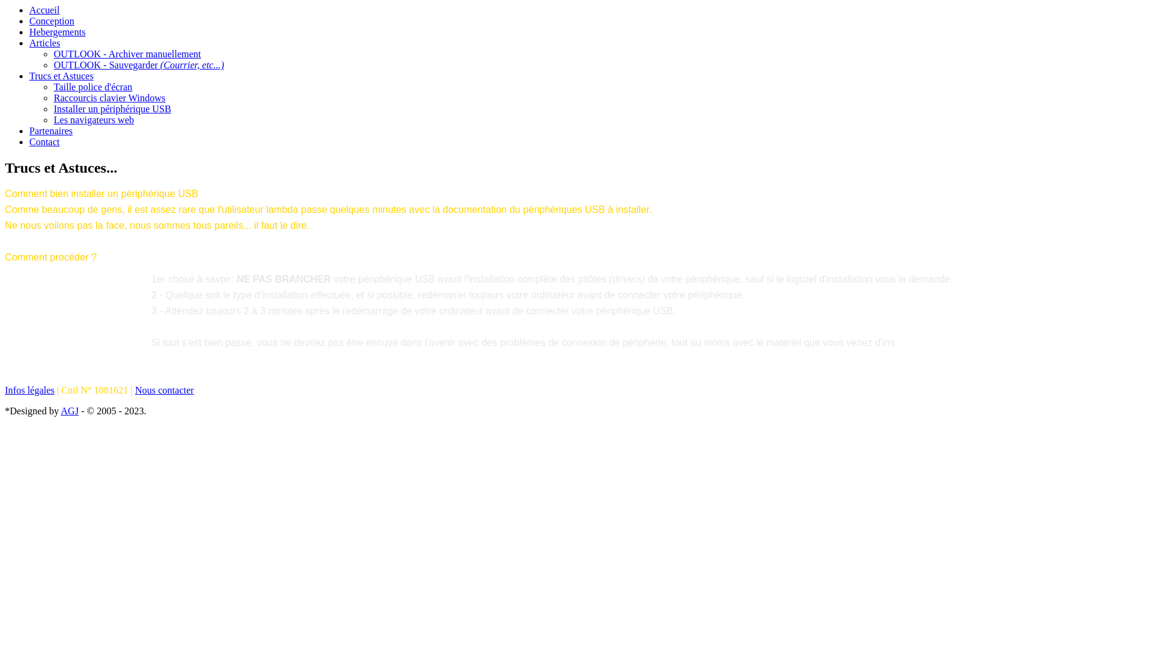 The image size is (1172, 659). Describe the element at coordinates (57, 31) in the screenshot. I see `'Hebergements'` at that location.